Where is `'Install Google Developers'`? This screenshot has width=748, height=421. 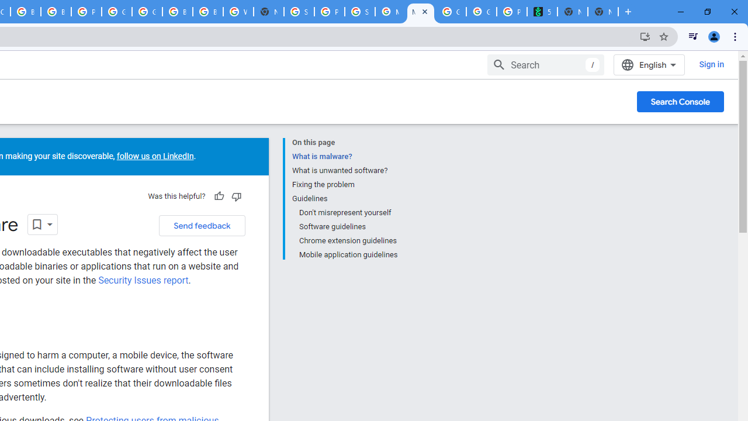 'Install Google Developers' is located at coordinates (645, 36).